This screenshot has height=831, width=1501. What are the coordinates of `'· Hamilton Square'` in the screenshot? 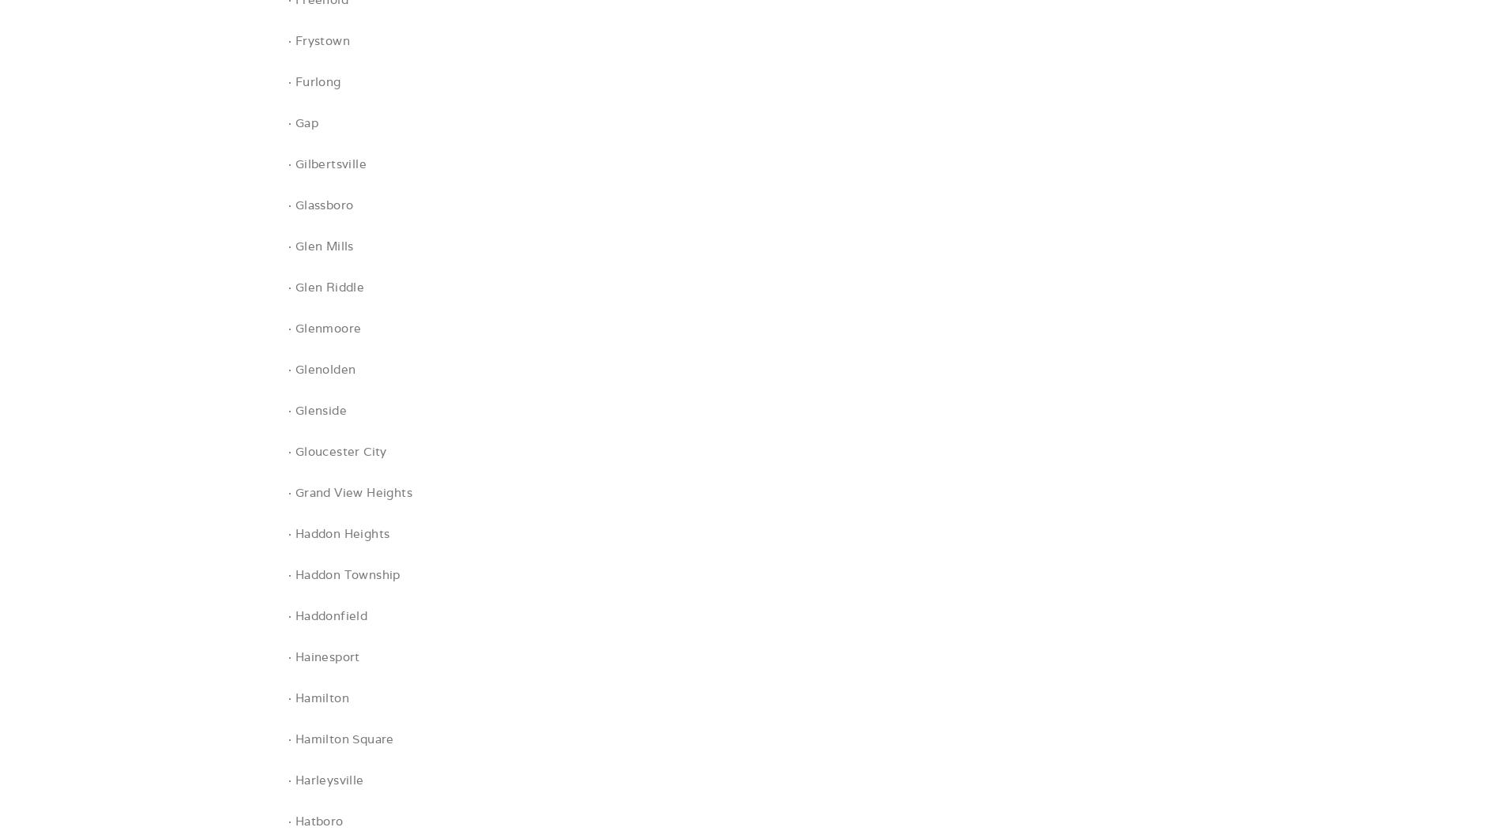 It's located at (340, 738).